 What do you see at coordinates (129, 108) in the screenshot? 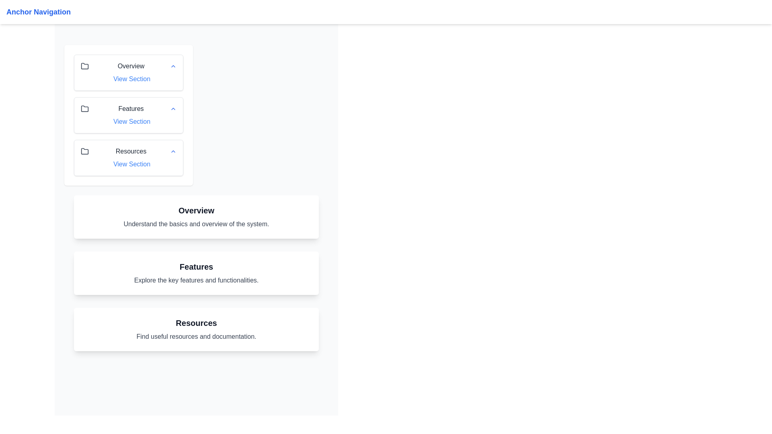
I see `the folder icon in the 'Features' section collapsible header` at bounding box center [129, 108].